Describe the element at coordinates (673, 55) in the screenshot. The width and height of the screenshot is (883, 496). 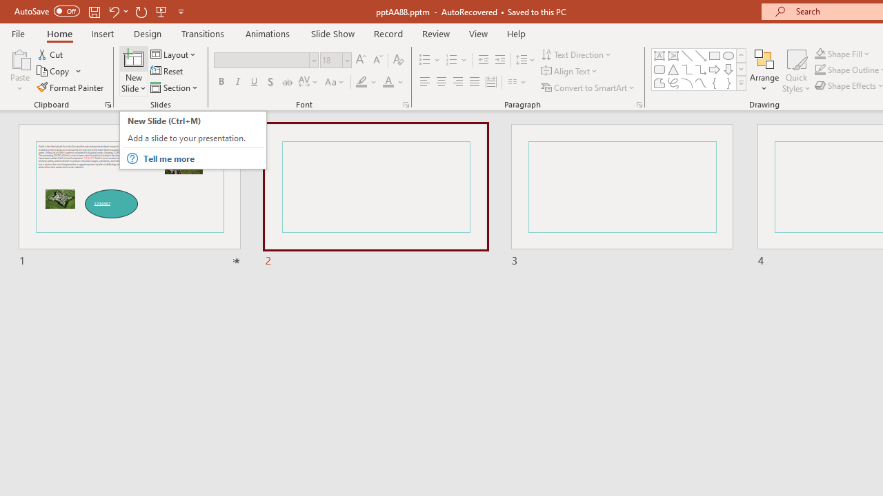
I see `'Vertical Text Box'` at that location.